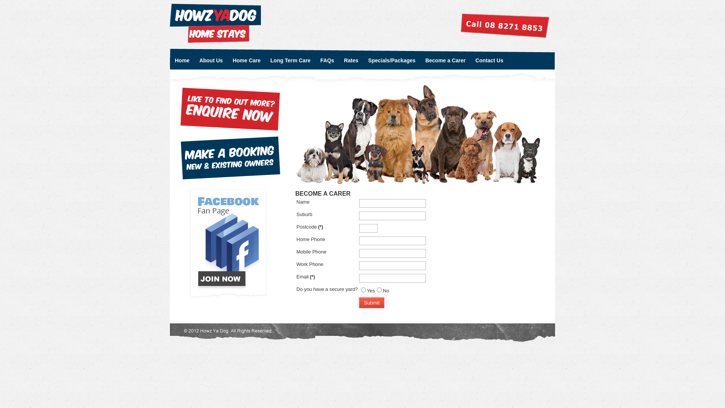  What do you see at coordinates (489, 58) in the screenshot?
I see `'Contact Us'` at bounding box center [489, 58].